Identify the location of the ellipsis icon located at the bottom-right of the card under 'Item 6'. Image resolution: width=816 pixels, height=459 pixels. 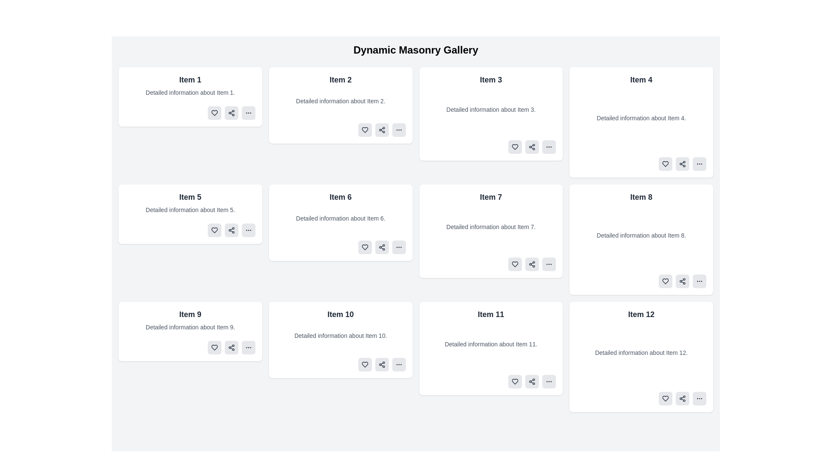
(398, 247).